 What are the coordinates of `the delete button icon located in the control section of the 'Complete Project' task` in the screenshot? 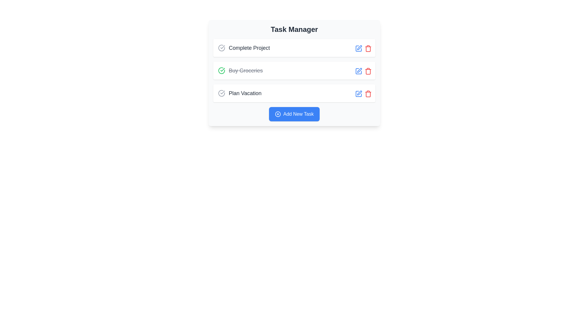 It's located at (367, 48).